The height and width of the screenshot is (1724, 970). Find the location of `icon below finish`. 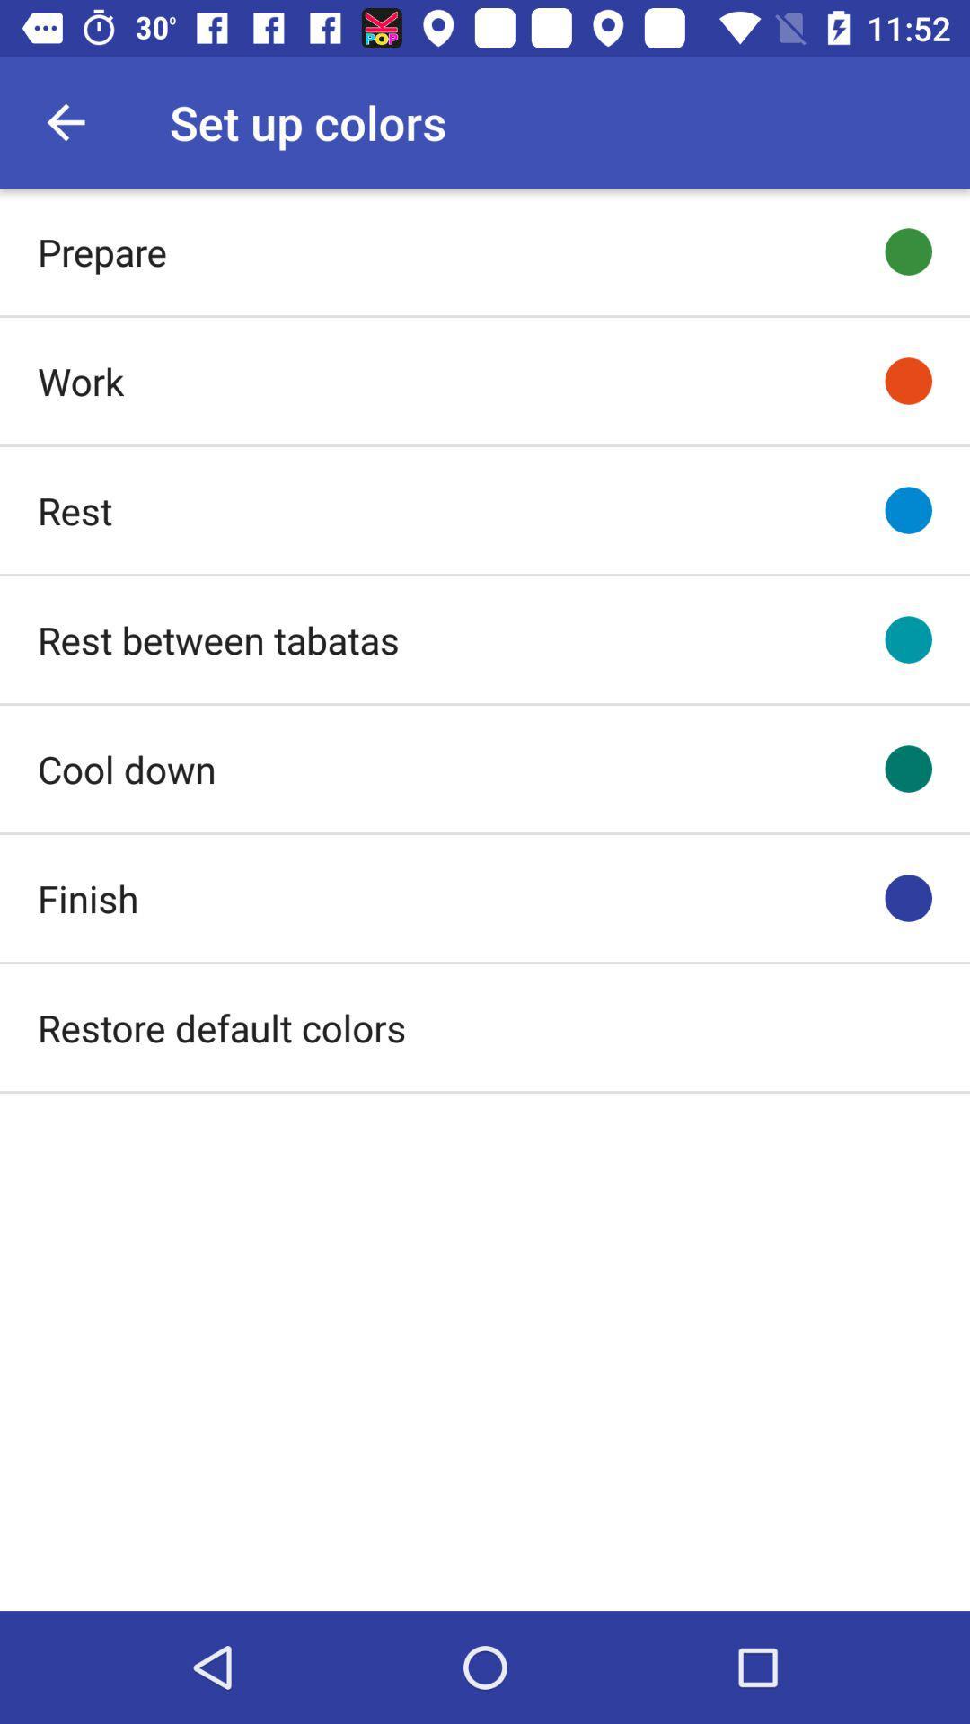

icon below finish is located at coordinates (221, 1027).